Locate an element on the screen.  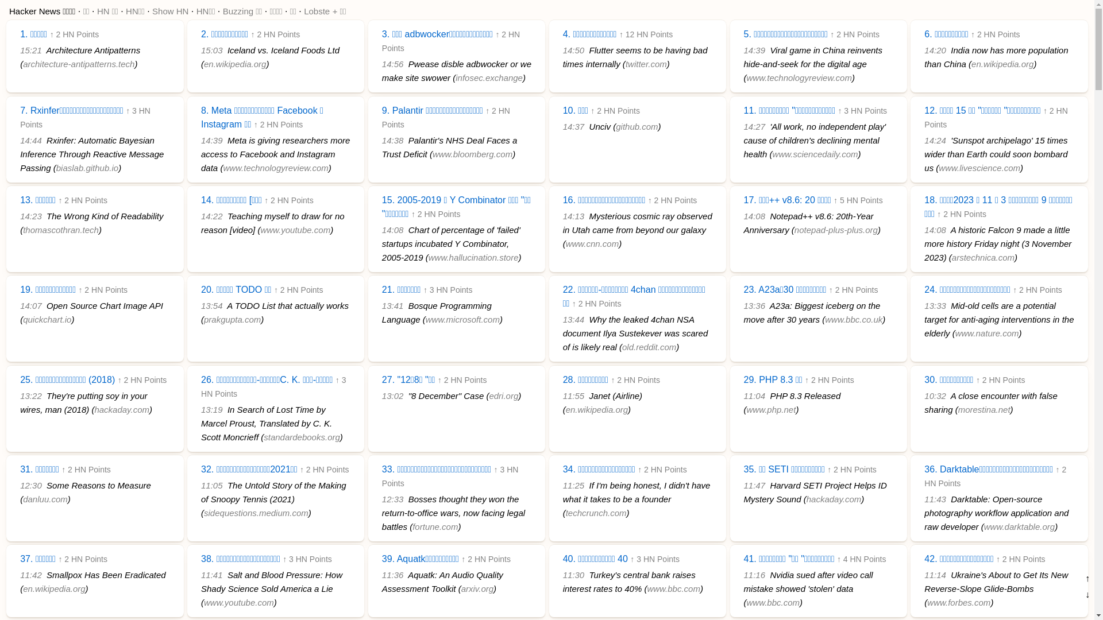
'en.wikipedia.org' is located at coordinates (53, 588).